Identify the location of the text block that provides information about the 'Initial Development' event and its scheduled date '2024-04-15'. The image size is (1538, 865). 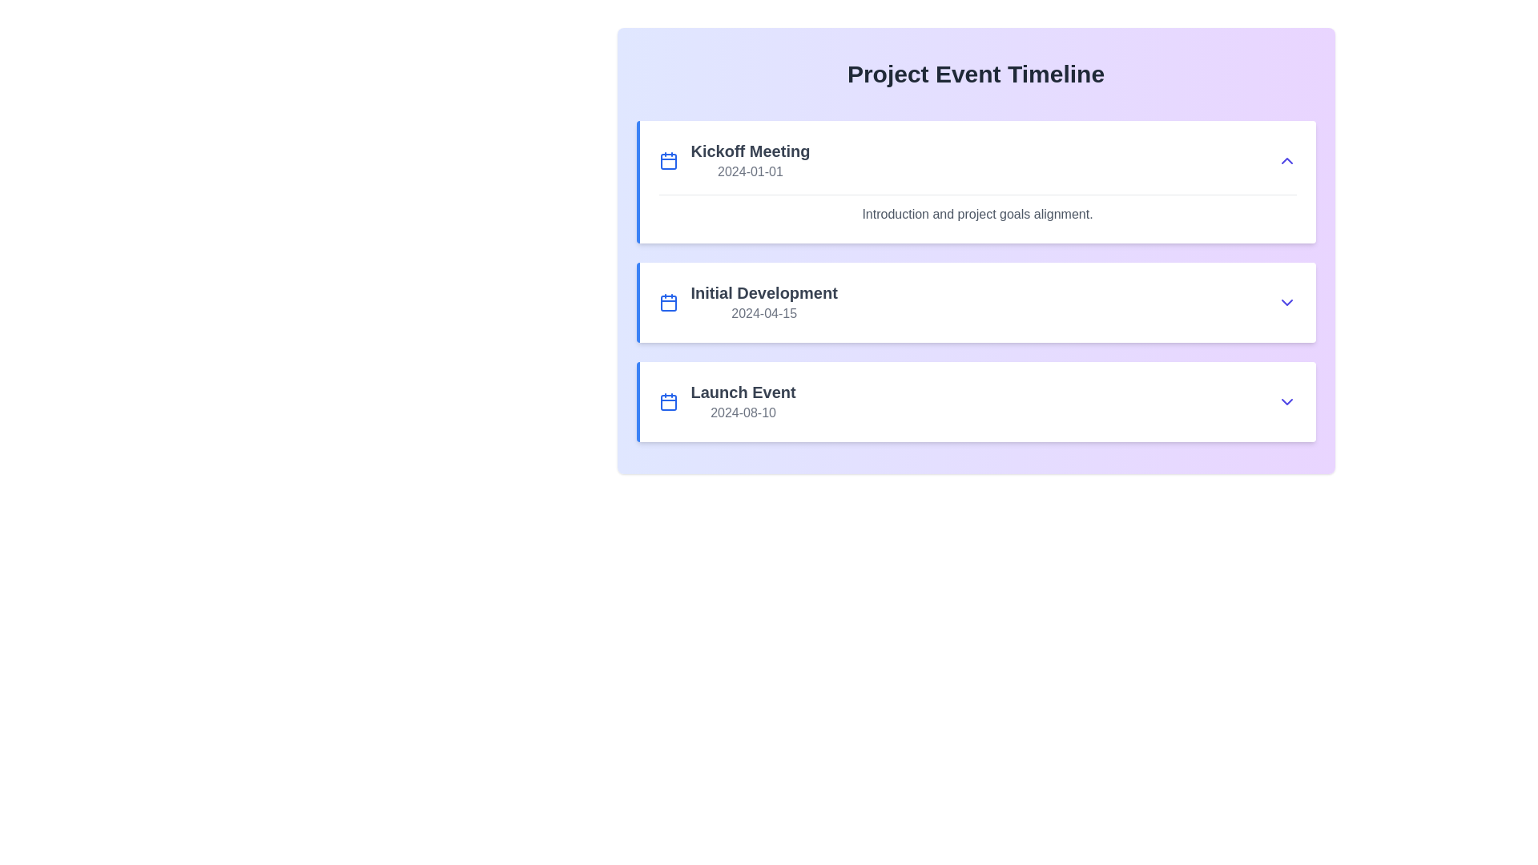
(763, 303).